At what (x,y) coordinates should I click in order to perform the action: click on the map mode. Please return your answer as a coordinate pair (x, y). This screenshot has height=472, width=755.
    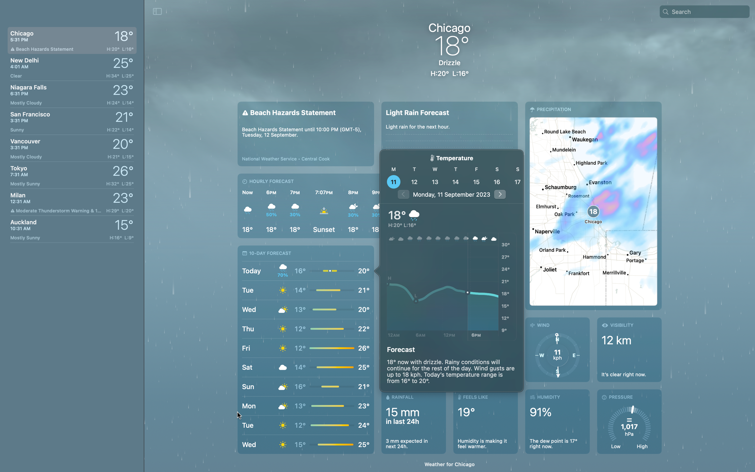
    Looking at the image, I should click on (592, 205).